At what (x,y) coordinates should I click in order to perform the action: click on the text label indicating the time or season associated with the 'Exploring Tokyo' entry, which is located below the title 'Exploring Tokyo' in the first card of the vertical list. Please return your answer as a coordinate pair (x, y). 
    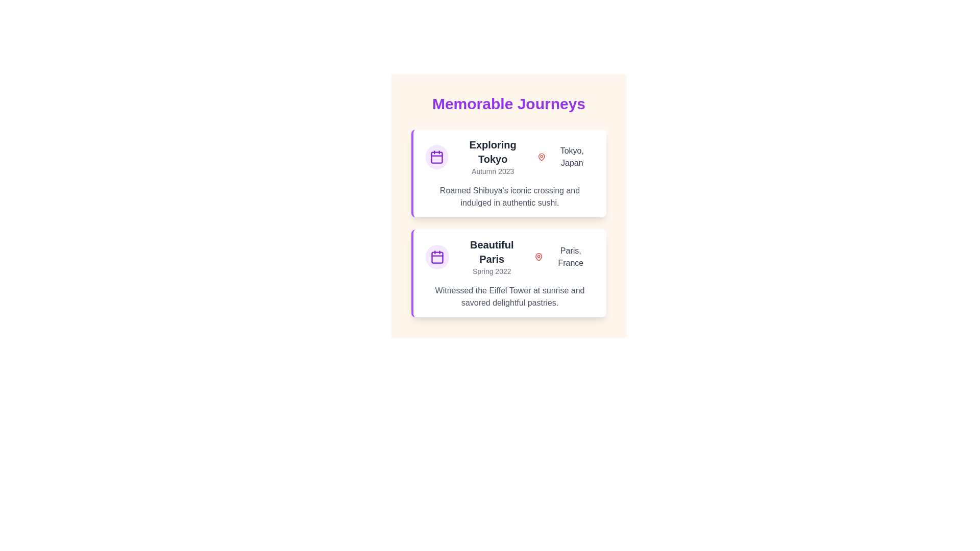
    Looking at the image, I should click on (493, 170).